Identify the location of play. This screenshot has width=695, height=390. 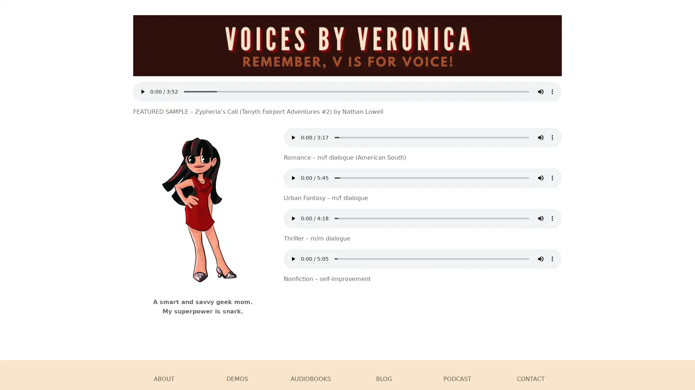
(293, 259).